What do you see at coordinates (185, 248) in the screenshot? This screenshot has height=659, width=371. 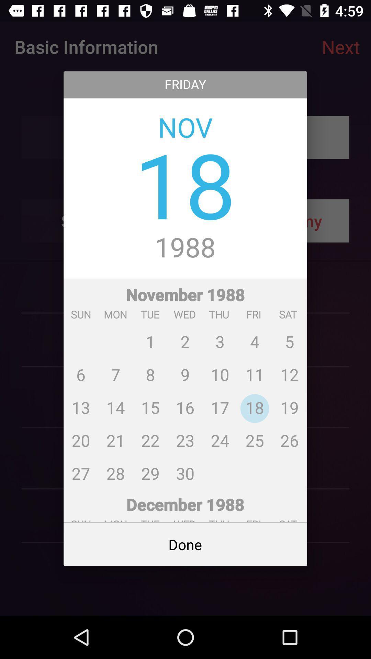 I see `item below the 18 icon` at bounding box center [185, 248].